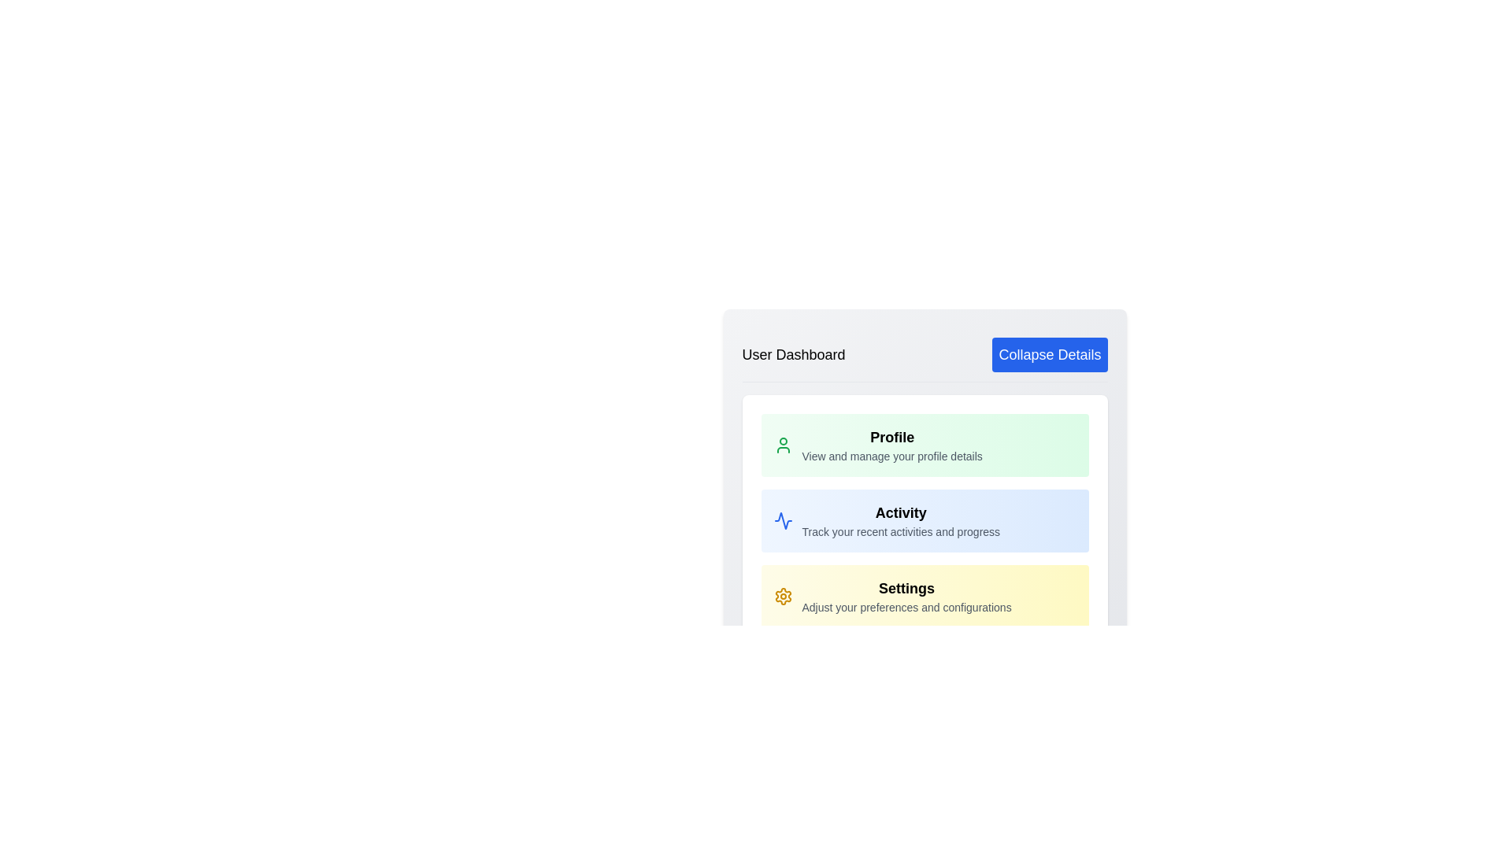 This screenshot has width=1512, height=850. I want to click on the bold text label displaying the word 'Activity' which is centered in the Profile section of the UI, so click(901, 512).